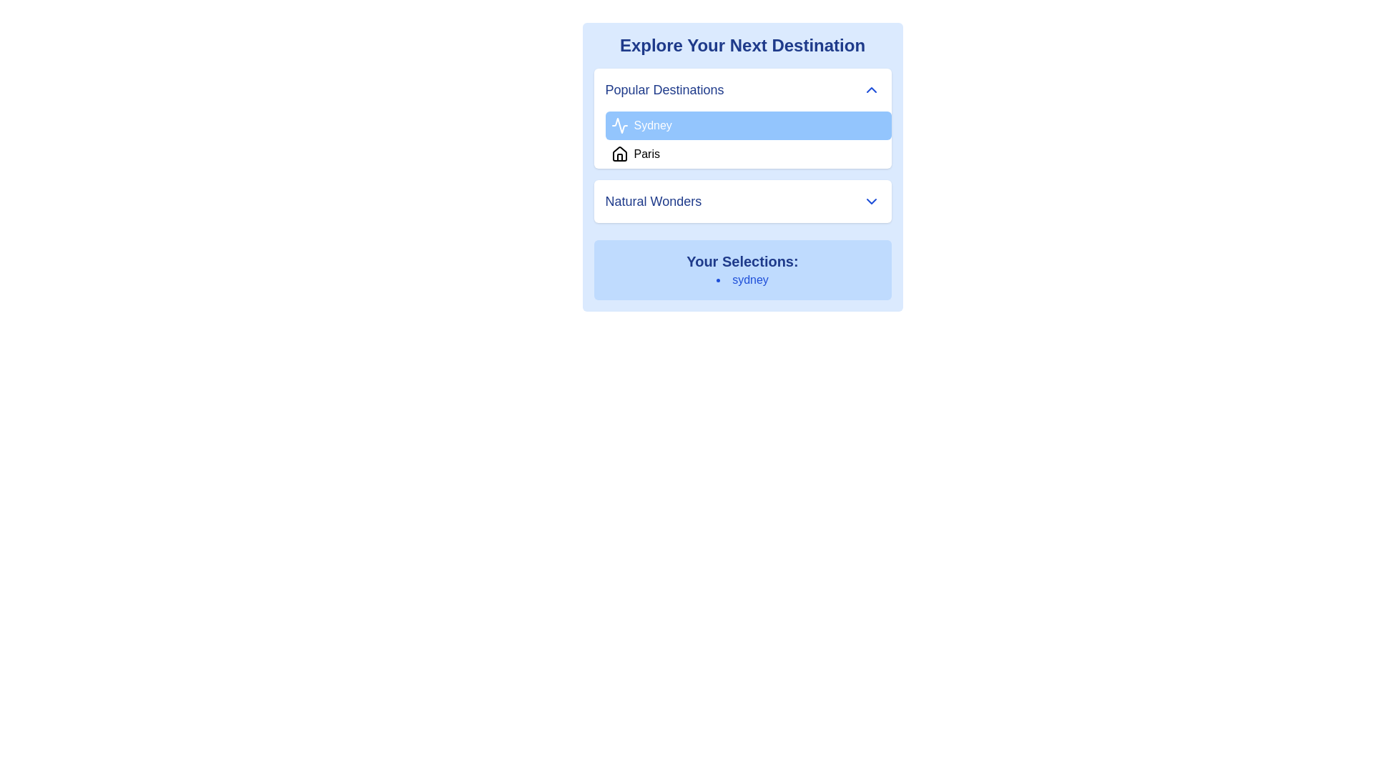 The height and width of the screenshot is (772, 1373). I want to click on the bullet point element containing the text 'sydney', which is styled in blue font and located below the bold title 'Your Selections:', so click(742, 280).